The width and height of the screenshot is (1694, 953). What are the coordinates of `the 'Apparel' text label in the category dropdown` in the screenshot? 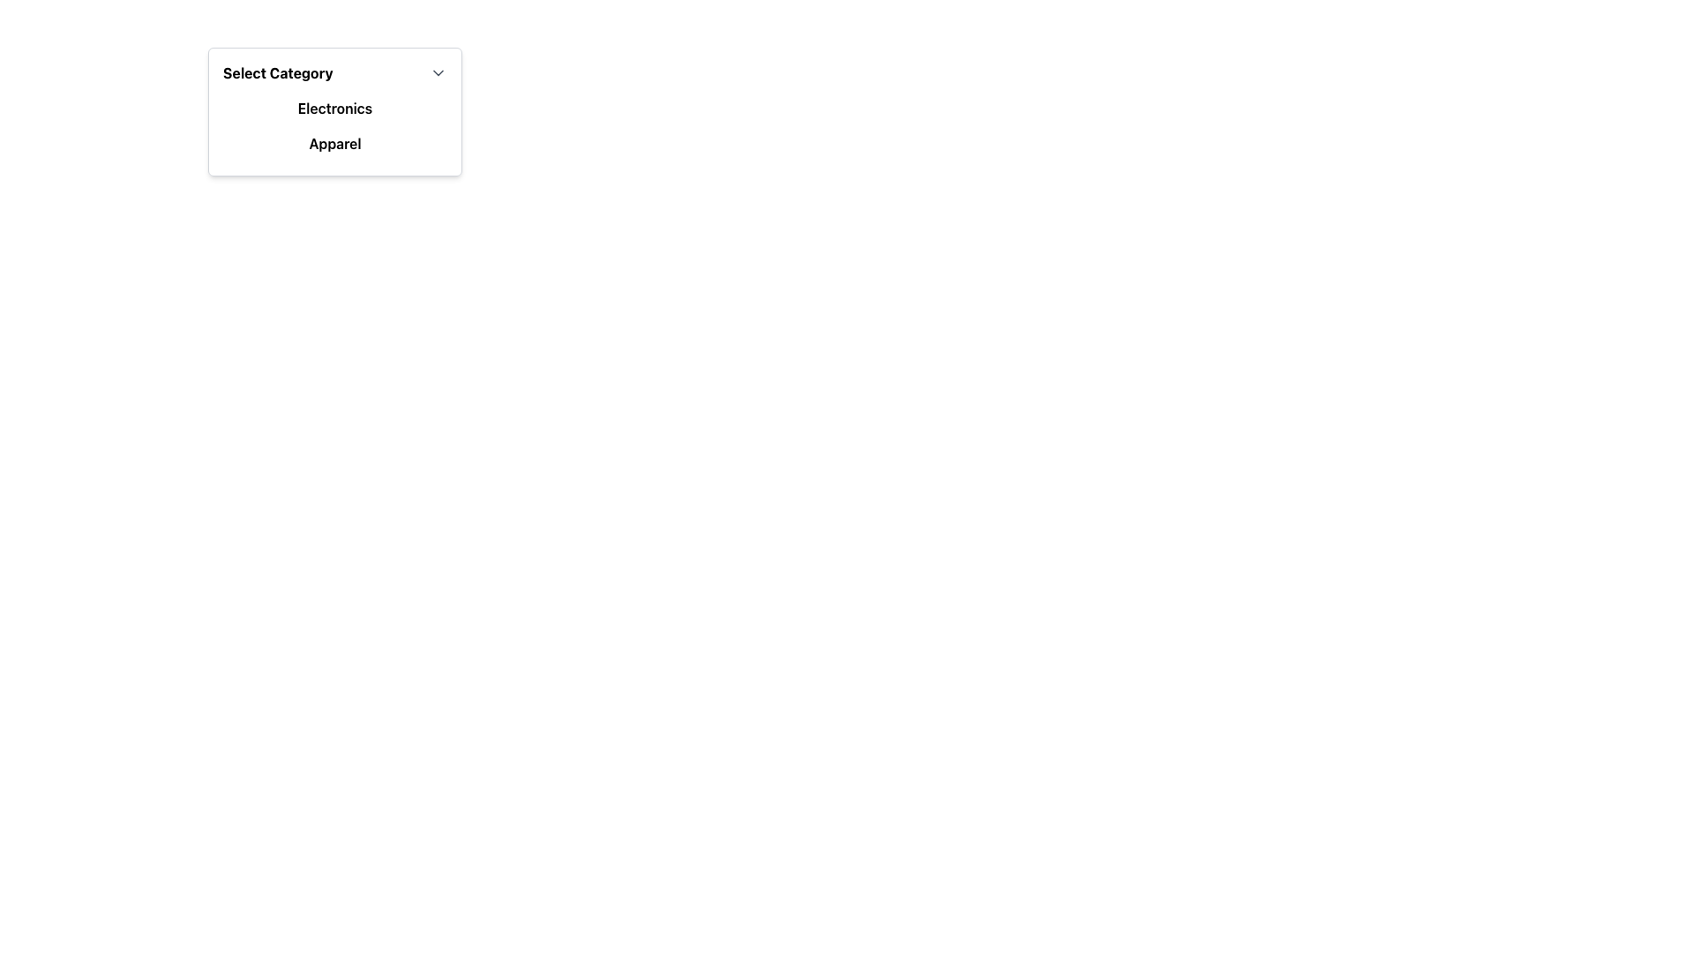 It's located at (334, 142).